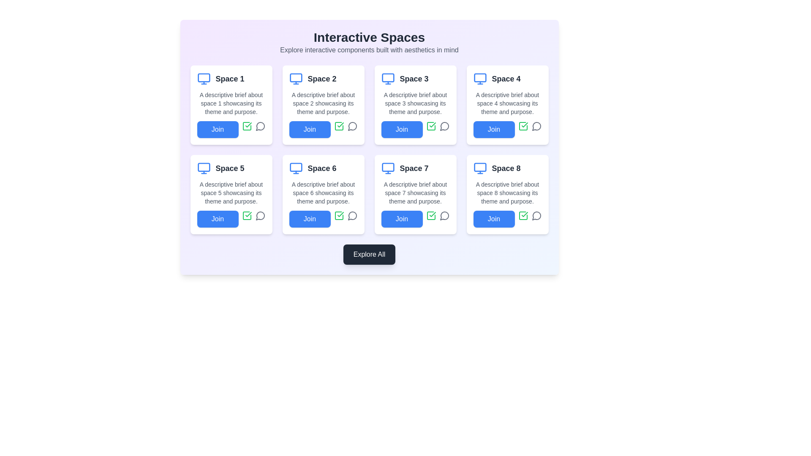  Describe the element at coordinates (444, 126) in the screenshot. I see `the speech bubble icon located at the bottom of the 'Space 3' card under 'Interactive Spaces'` at that location.